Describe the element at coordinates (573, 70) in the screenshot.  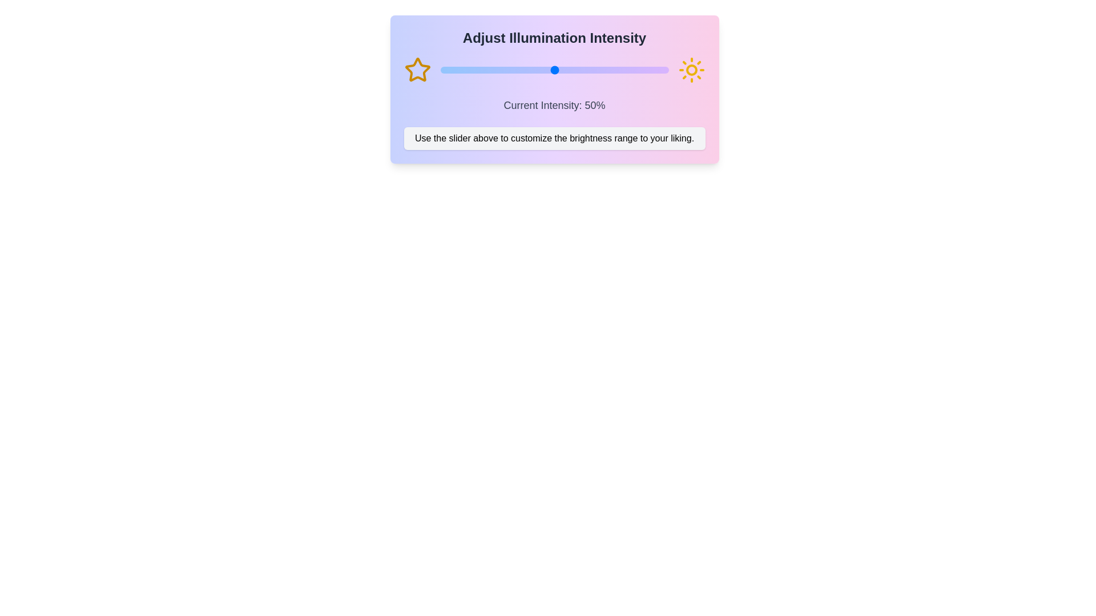
I see `the slider to set the intensity to 58%` at that location.